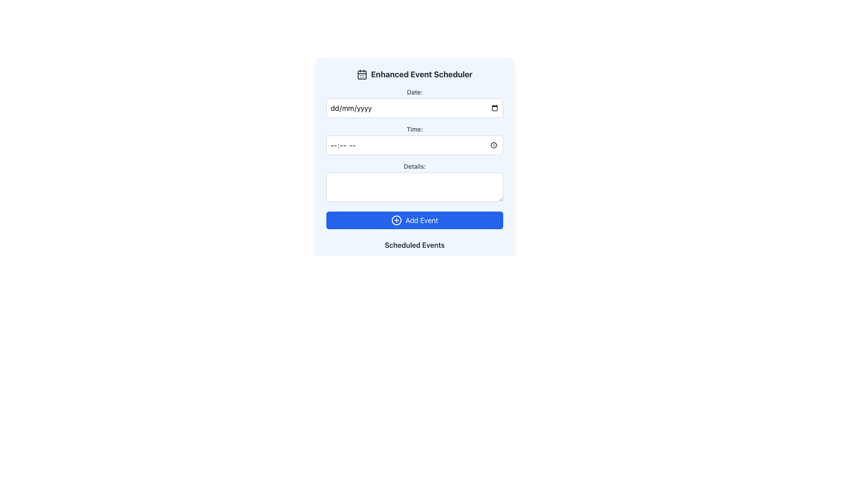 This screenshot has height=477, width=849. What do you see at coordinates (414, 245) in the screenshot?
I see `the non-interactive Text Label that serves as a header for the scheduled events section, located at the bottom of the 'Enhanced Event Scheduler' form, just below the 'Add Event' button` at bounding box center [414, 245].